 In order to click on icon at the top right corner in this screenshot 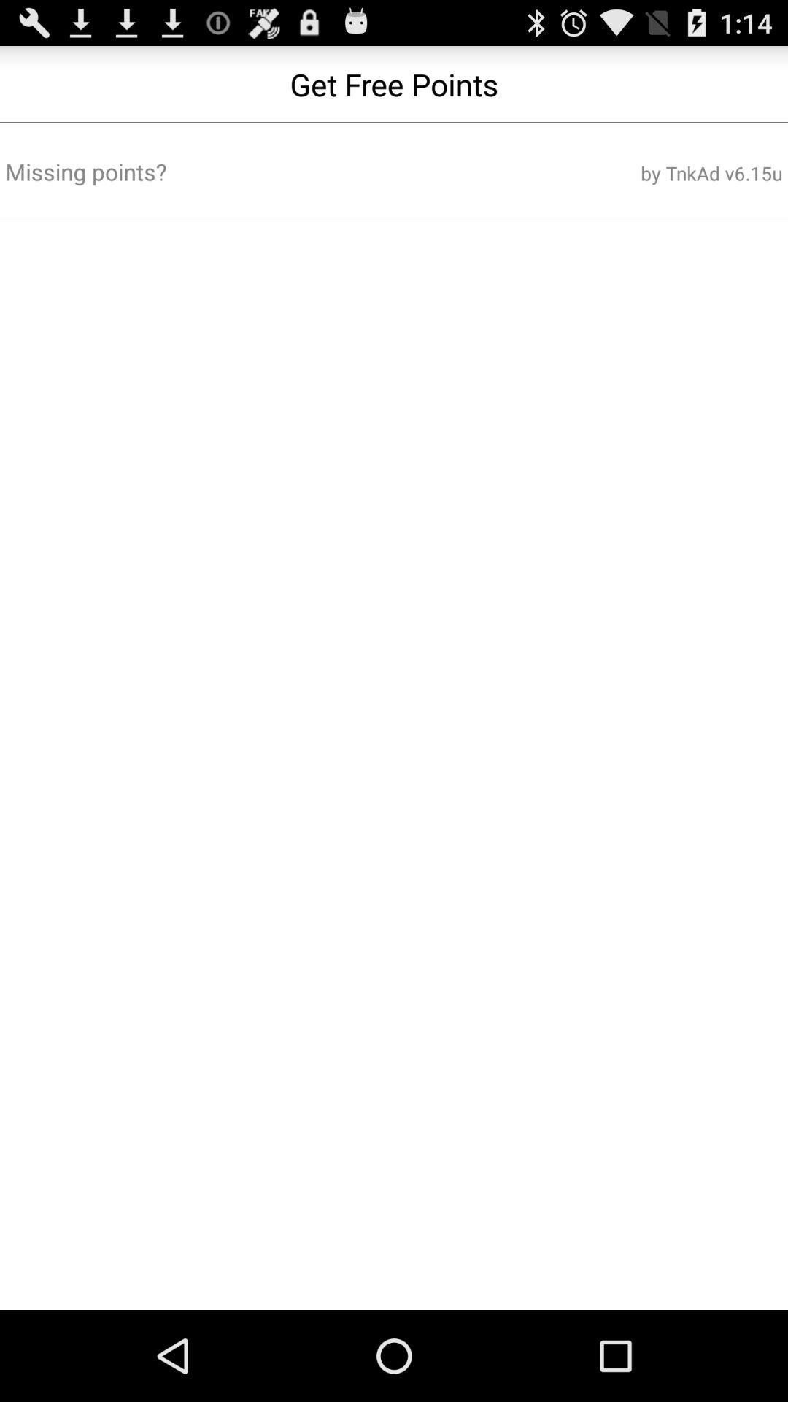, I will do `click(651, 173)`.